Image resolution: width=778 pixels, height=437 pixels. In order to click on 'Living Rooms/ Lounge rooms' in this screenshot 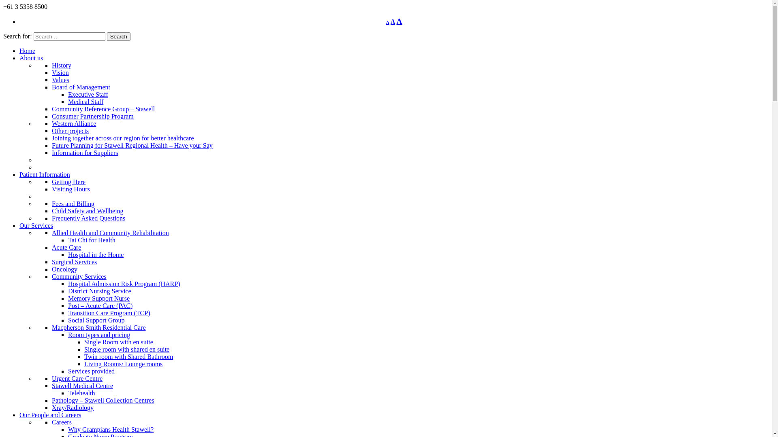, I will do `click(84, 363)`.